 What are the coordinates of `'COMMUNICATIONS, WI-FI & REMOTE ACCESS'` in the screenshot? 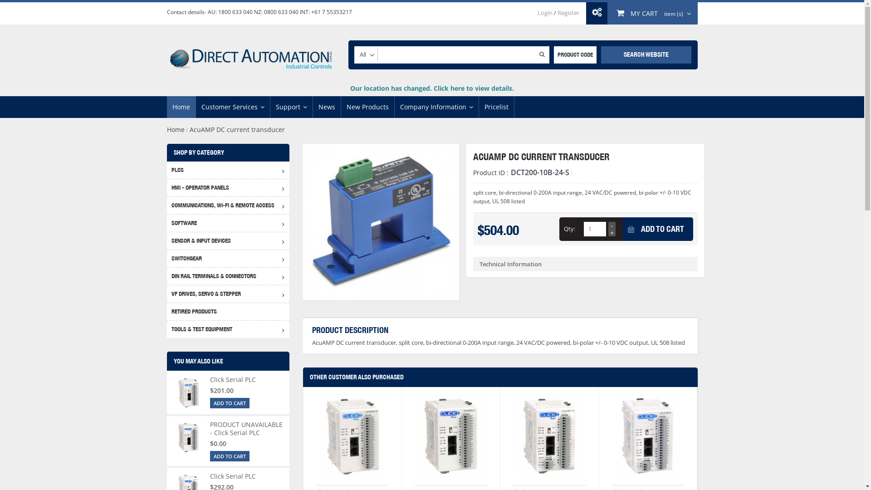 It's located at (228, 205).